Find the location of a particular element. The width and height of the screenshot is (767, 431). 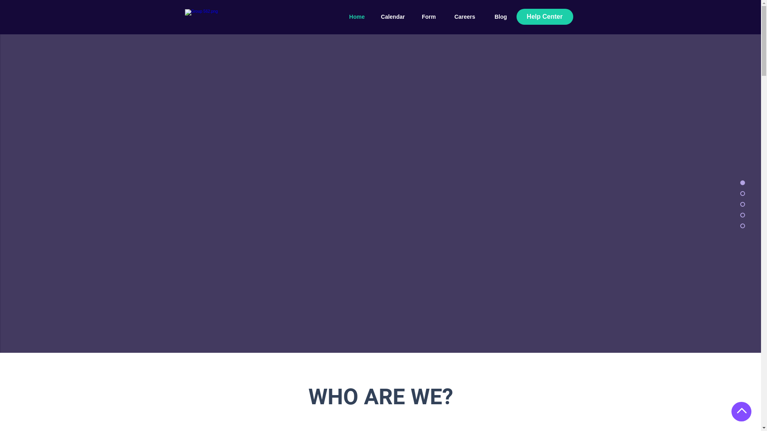

'Careers' is located at coordinates (464, 17).